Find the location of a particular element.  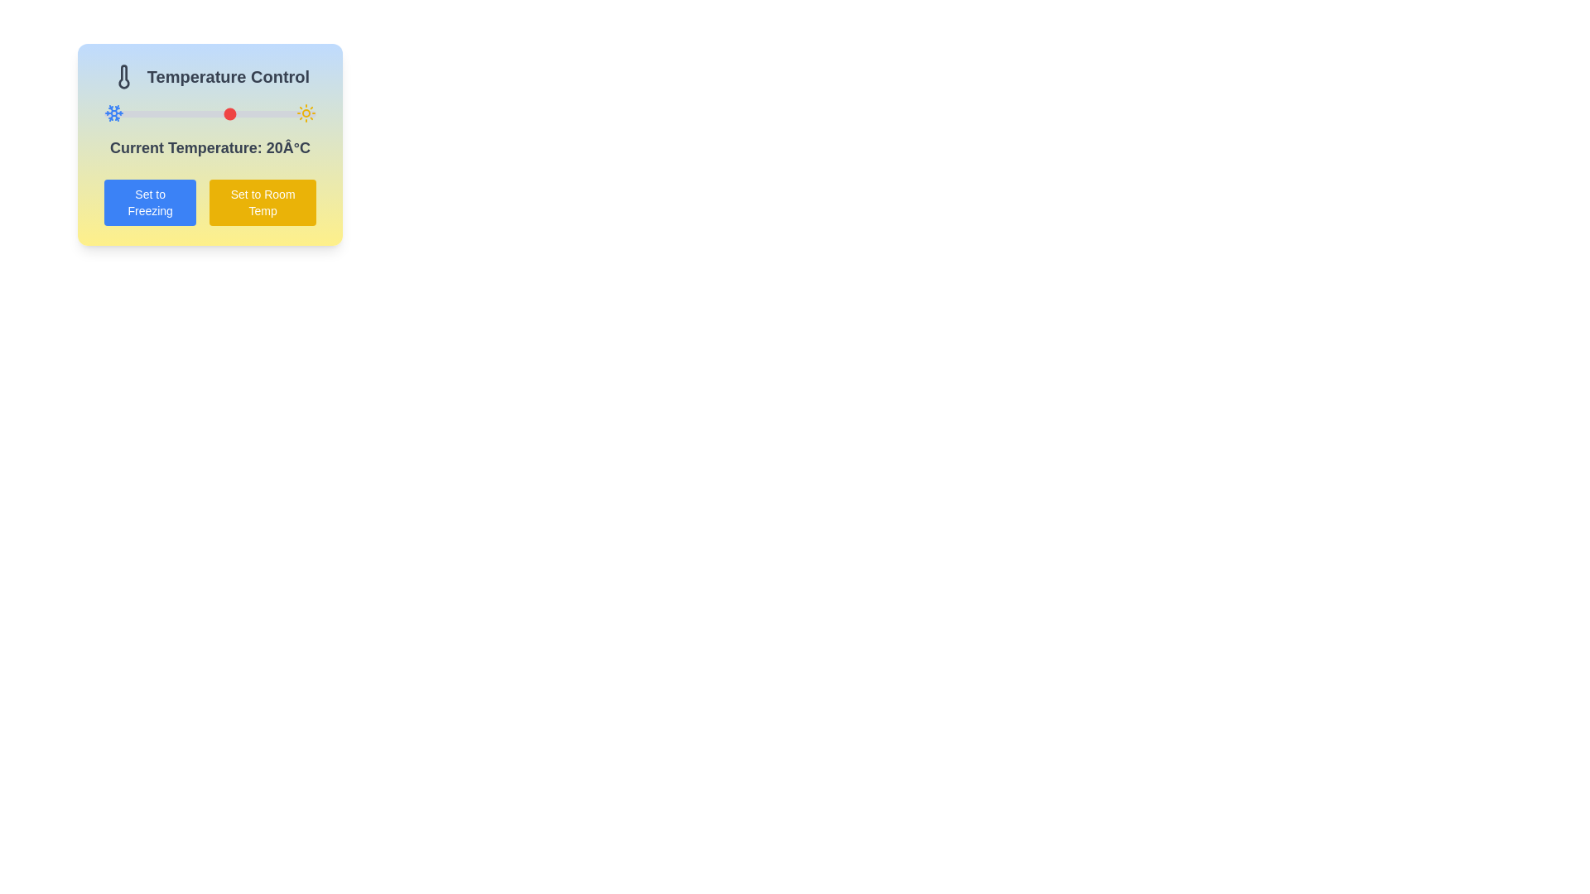

the temperature is located at coordinates (171, 113).